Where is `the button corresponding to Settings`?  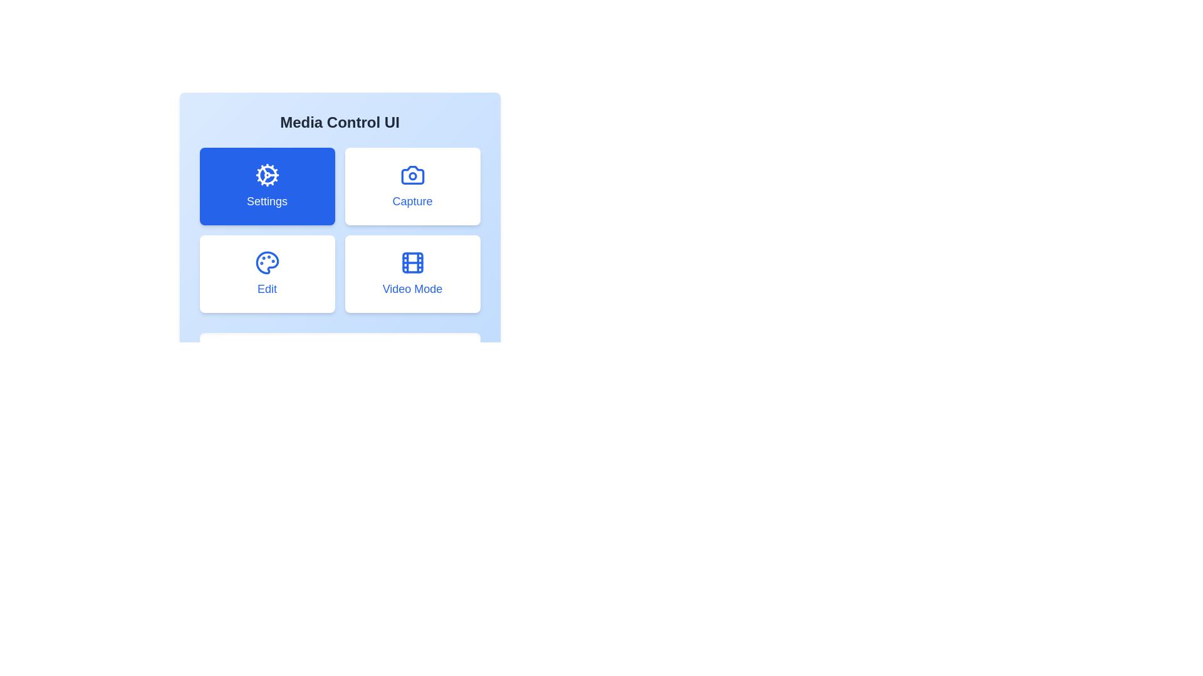
the button corresponding to Settings is located at coordinates (266, 186).